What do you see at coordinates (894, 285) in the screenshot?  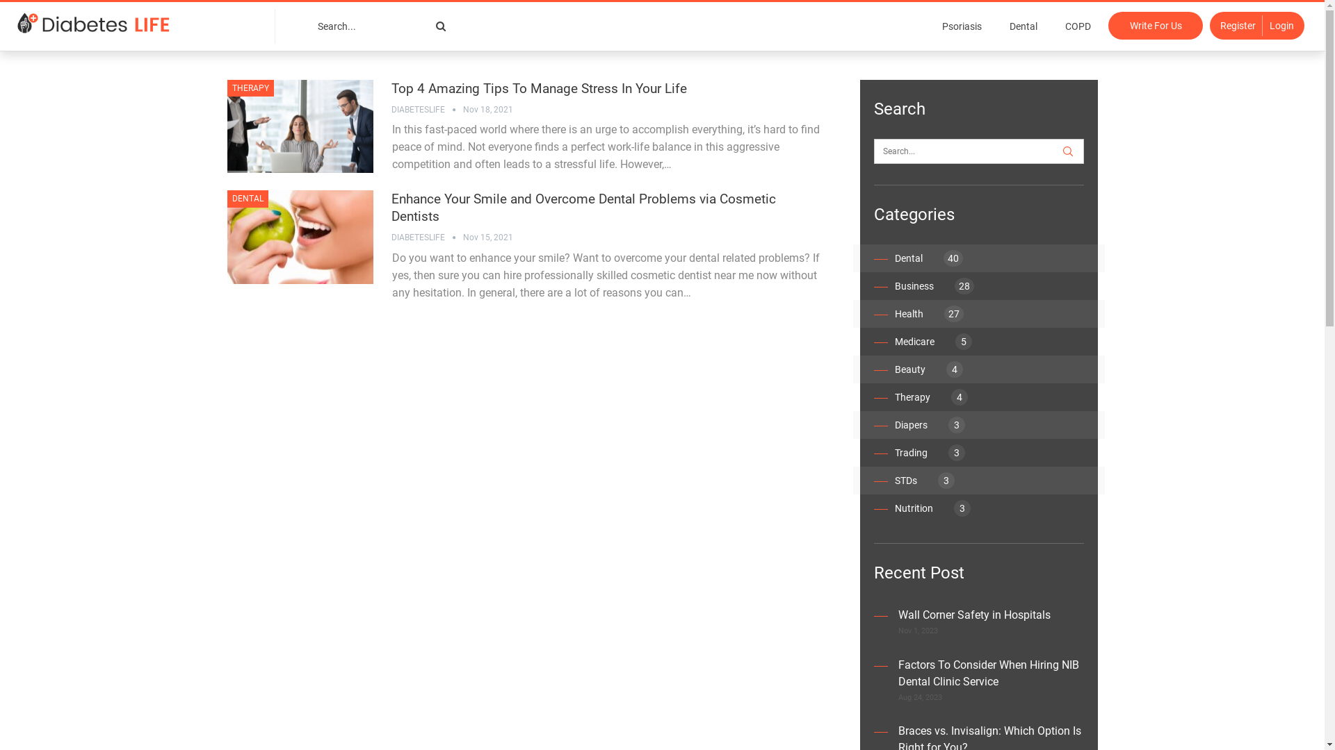 I see `'Business28'` at bounding box center [894, 285].